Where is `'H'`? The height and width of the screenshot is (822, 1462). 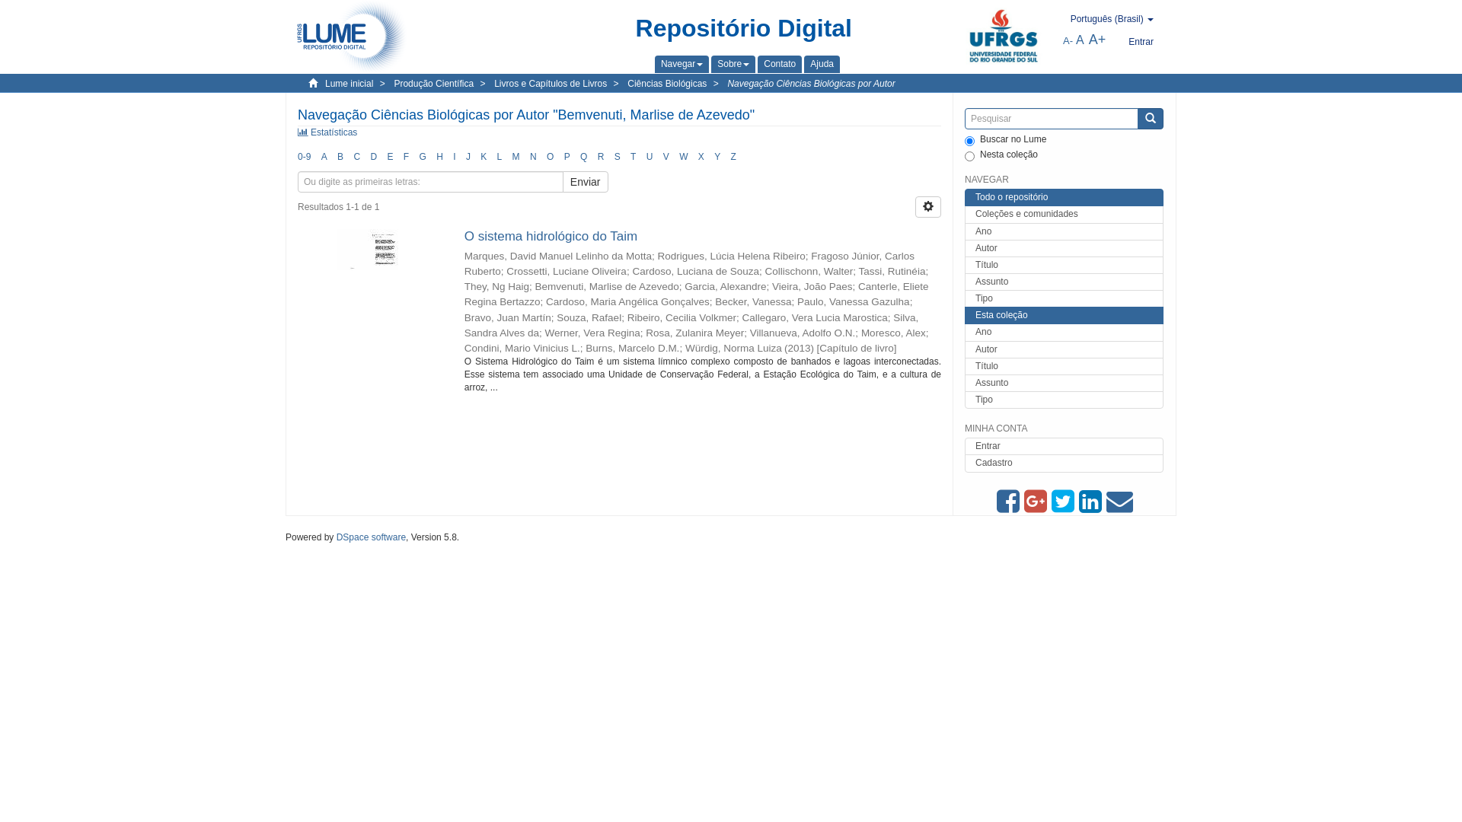 'H' is located at coordinates (435, 156).